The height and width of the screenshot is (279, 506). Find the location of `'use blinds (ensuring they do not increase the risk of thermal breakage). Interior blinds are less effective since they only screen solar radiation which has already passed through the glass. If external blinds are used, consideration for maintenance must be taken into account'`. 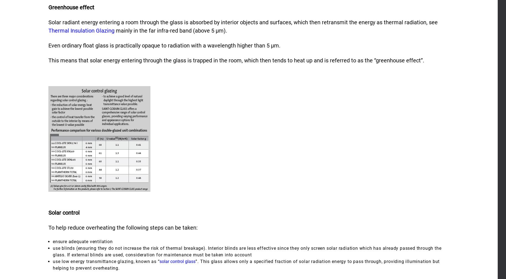

'use blinds (ensuring they do not increase the risk of thermal breakage). Interior blinds are less effective since they only screen solar radiation which has already passed through the glass. If external blinds are used, consideration for maintenance must be taken into account' is located at coordinates (53, 251).